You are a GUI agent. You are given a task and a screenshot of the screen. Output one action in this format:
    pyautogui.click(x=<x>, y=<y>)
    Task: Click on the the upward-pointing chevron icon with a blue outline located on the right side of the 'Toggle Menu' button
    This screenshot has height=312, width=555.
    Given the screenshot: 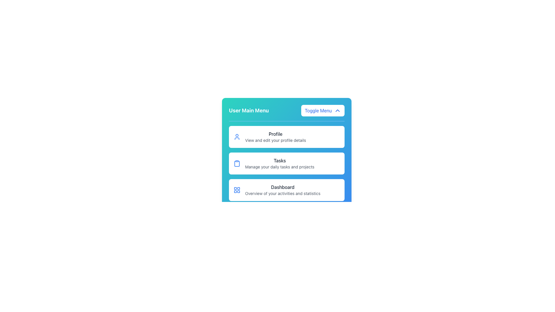 What is the action you would take?
    pyautogui.click(x=337, y=110)
    